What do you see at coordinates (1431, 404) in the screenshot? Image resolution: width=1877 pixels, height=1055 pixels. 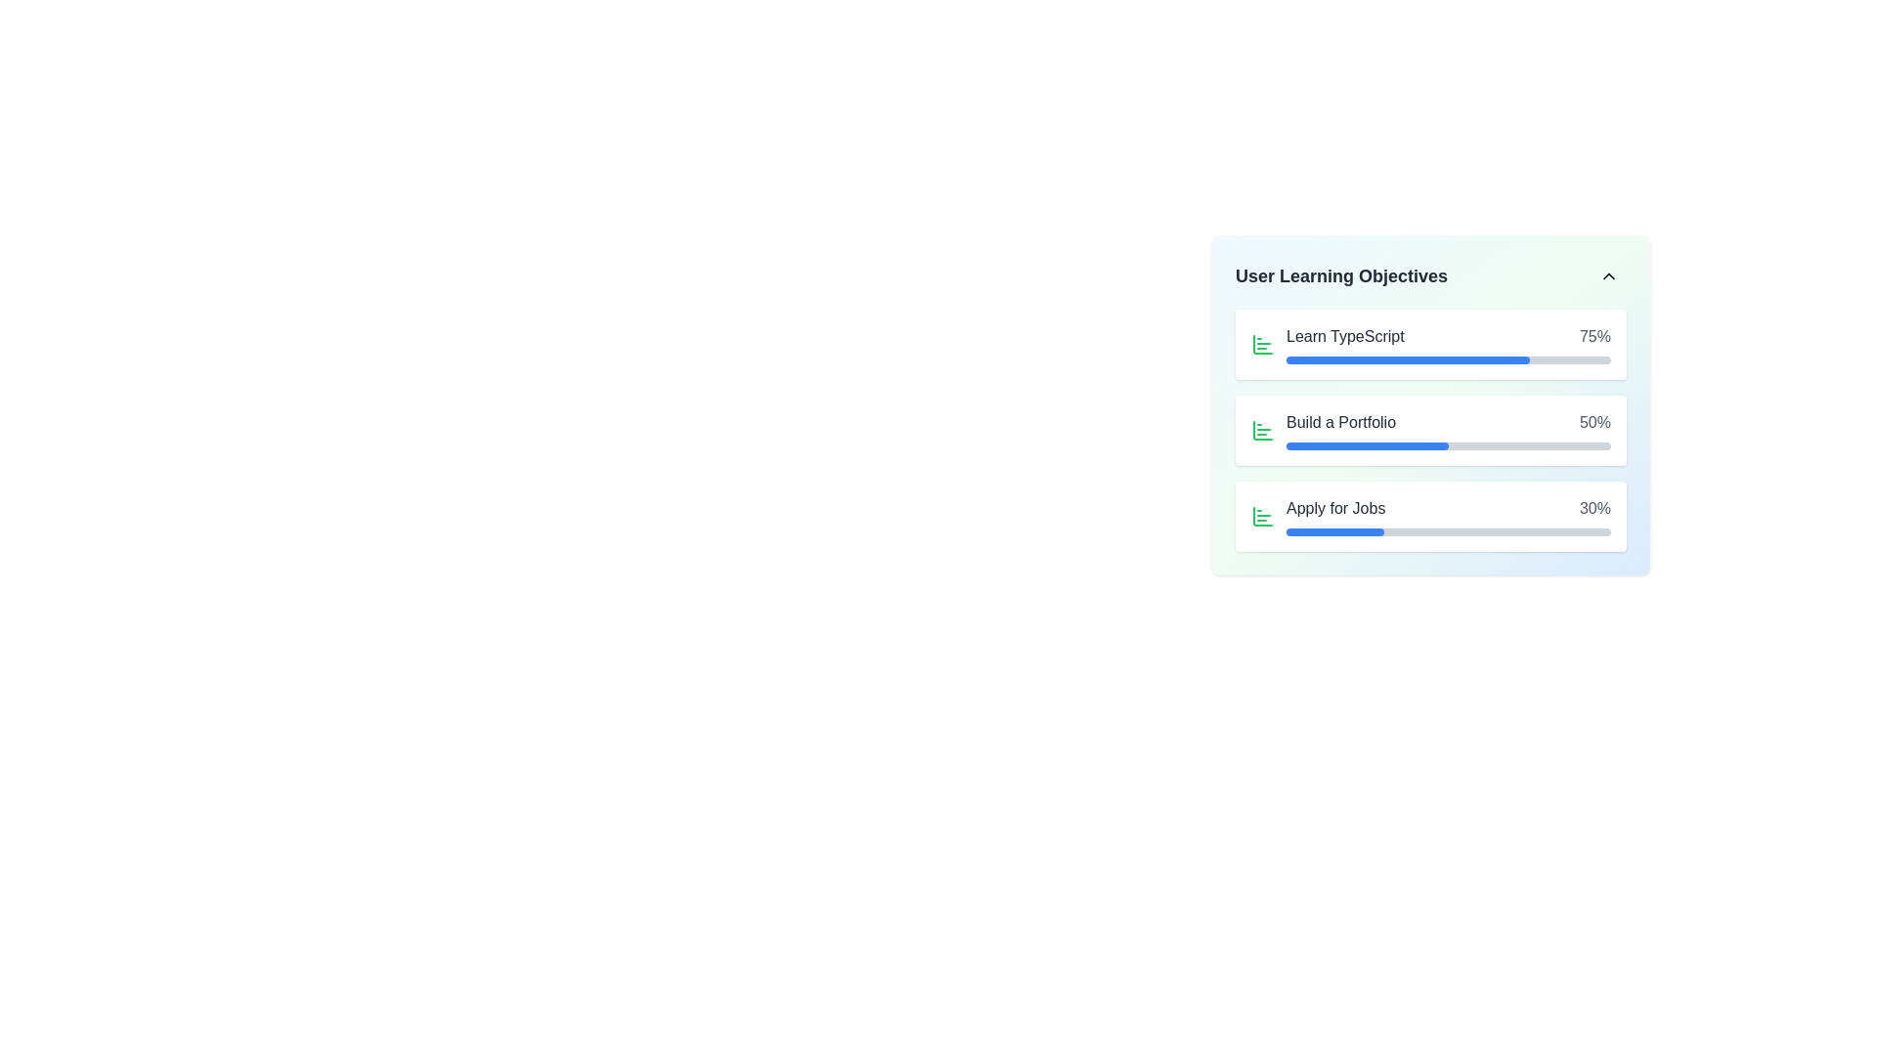 I see `the progress bar within the 'Build a Portfolio' card section, which shows a progress status of 50%` at bounding box center [1431, 404].